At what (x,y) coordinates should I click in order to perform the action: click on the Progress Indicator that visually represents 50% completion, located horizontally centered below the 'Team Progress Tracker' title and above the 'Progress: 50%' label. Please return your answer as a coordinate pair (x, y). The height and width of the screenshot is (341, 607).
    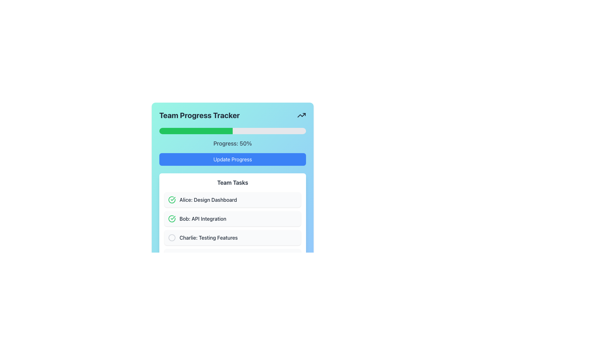
    Looking at the image, I should click on (195, 131).